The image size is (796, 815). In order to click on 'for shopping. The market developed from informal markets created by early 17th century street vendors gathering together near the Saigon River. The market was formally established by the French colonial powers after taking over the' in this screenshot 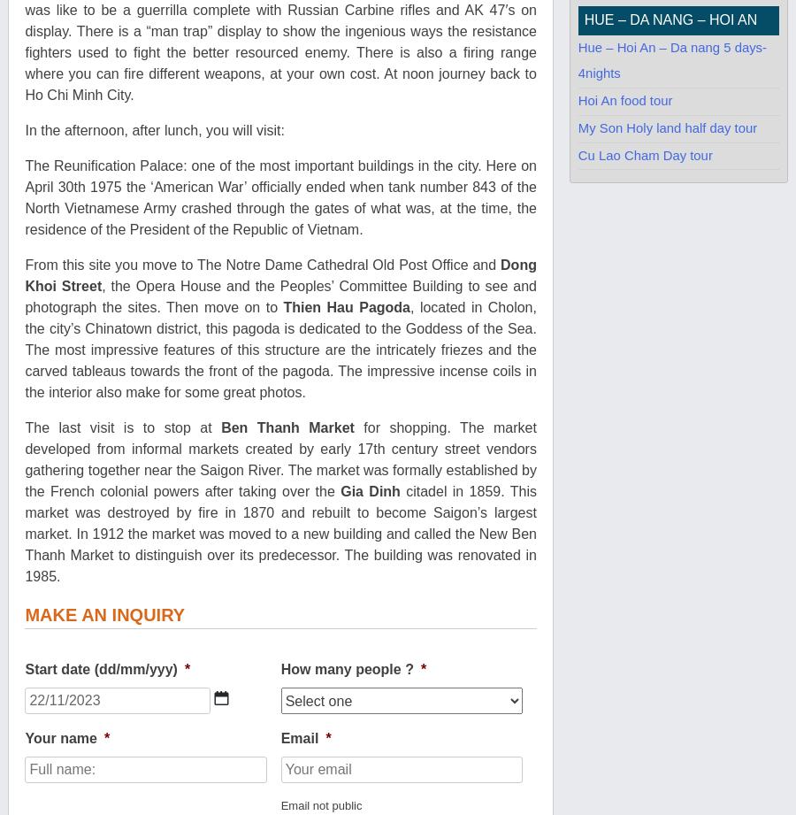, I will do `click(279, 458)`.